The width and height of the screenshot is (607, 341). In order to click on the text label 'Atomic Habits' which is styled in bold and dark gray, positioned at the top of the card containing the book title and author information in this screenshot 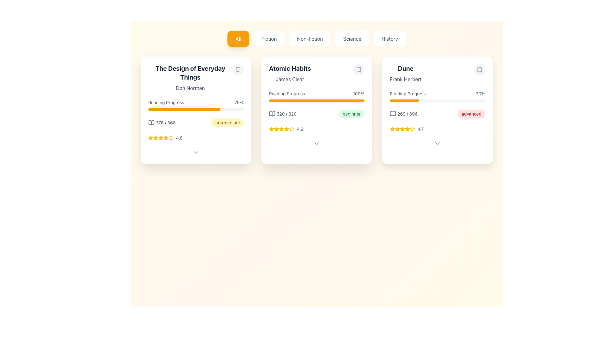, I will do `click(290, 68)`.